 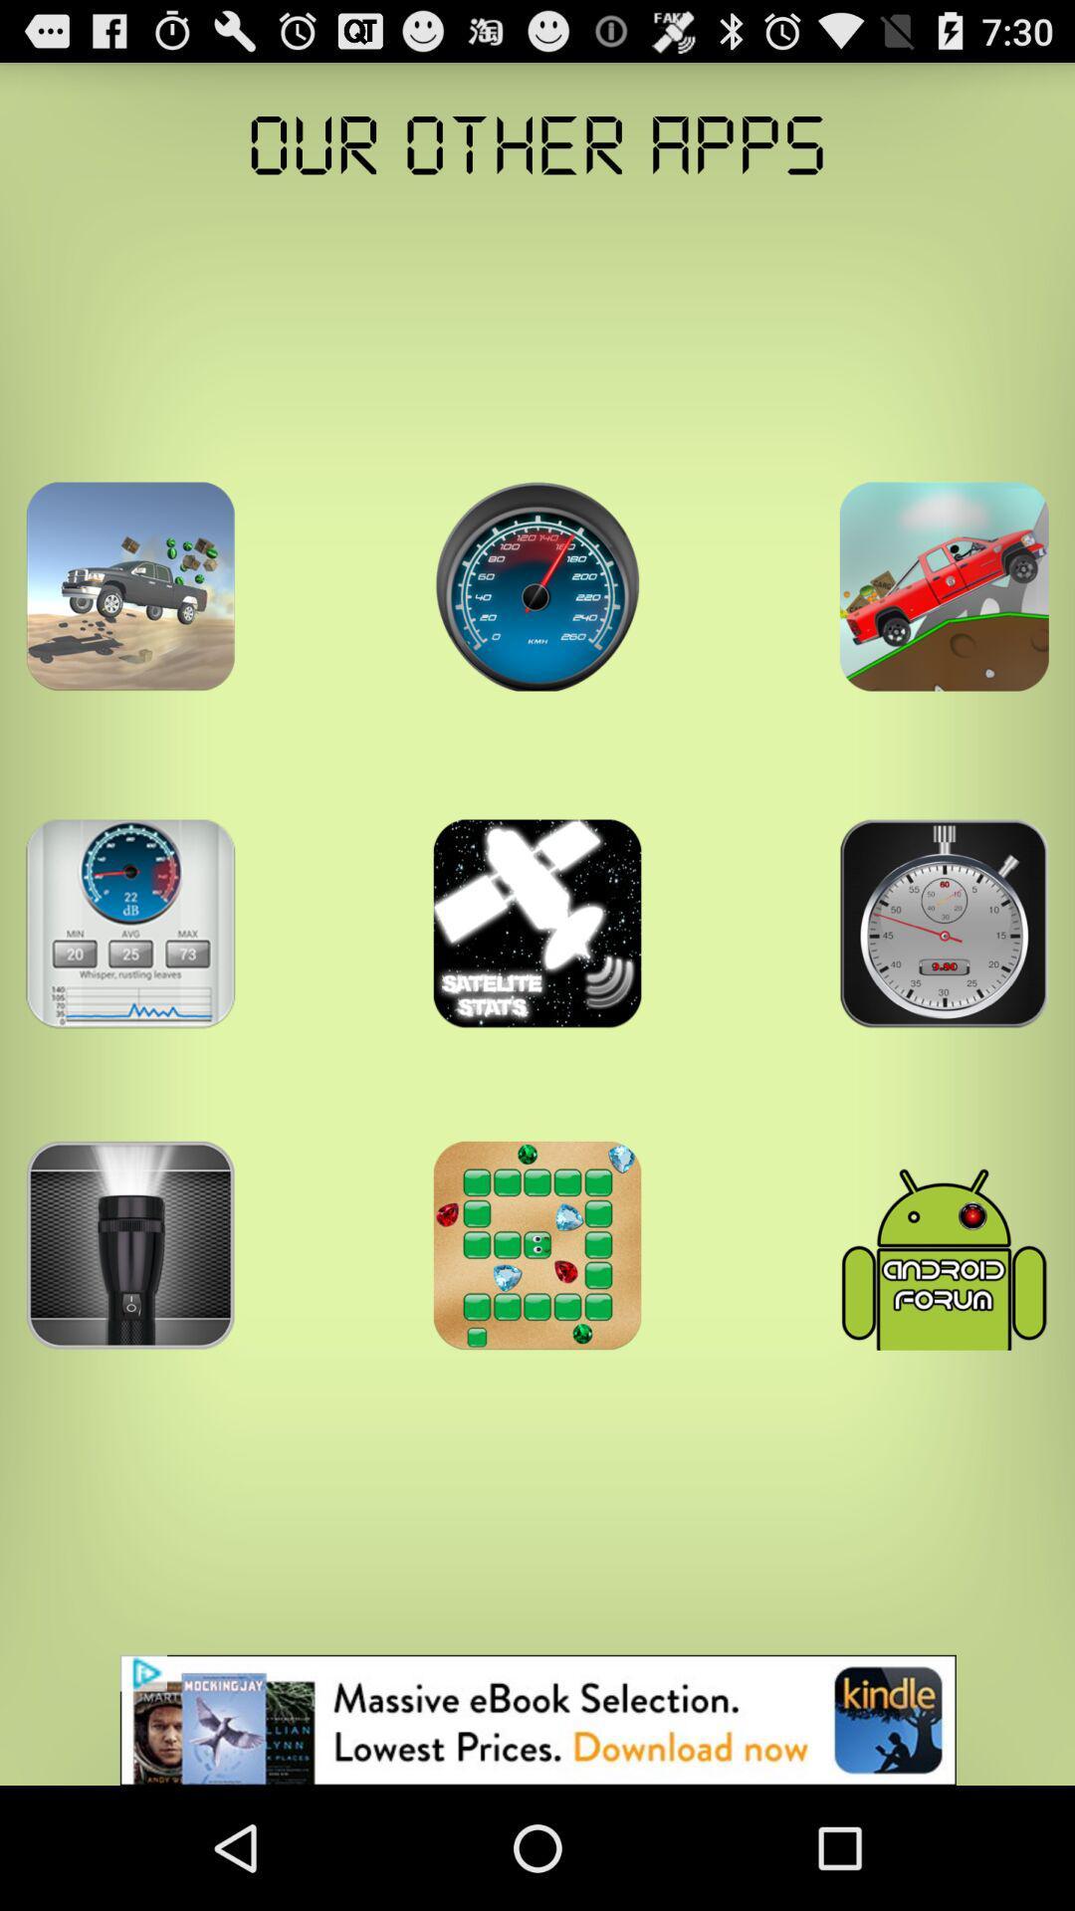 What do you see at coordinates (130, 1244) in the screenshot?
I see `flashlight` at bounding box center [130, 1244].